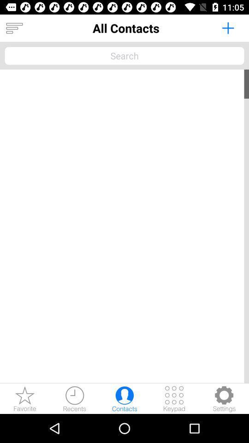 The image size is (249, 443). What do you see at coordinates (74, 398) in the screenshot?
I see `switch to recents tab` at bounding box center [74, 398].